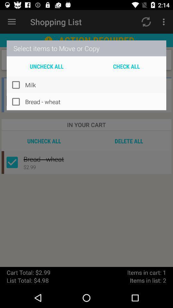  Describe the element at coordinates (126, 66) in the screenshot. I see `the check all item` at that location.